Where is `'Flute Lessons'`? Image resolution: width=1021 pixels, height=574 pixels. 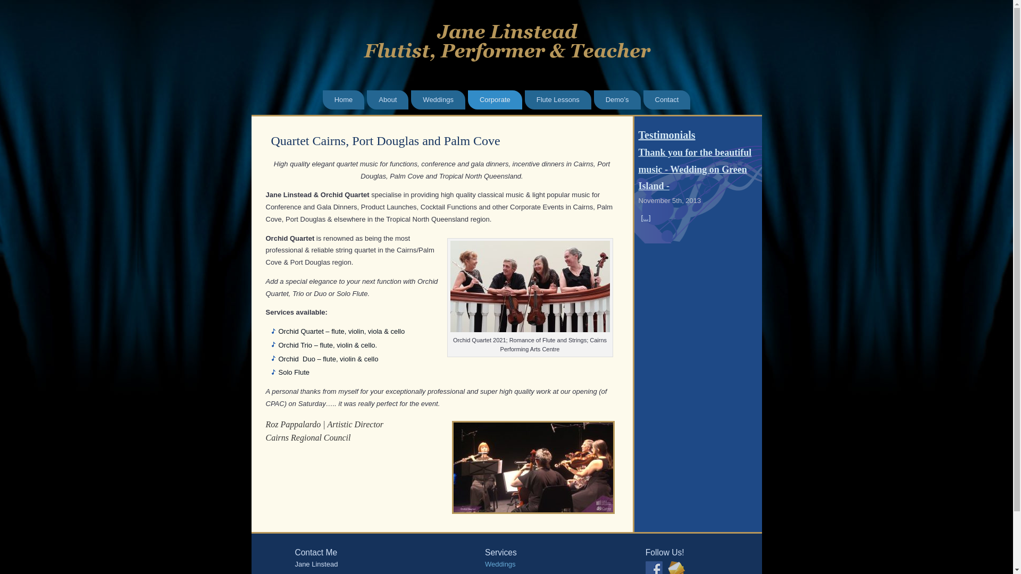 'Flute Lessons' is located at coordinates (557, 100).